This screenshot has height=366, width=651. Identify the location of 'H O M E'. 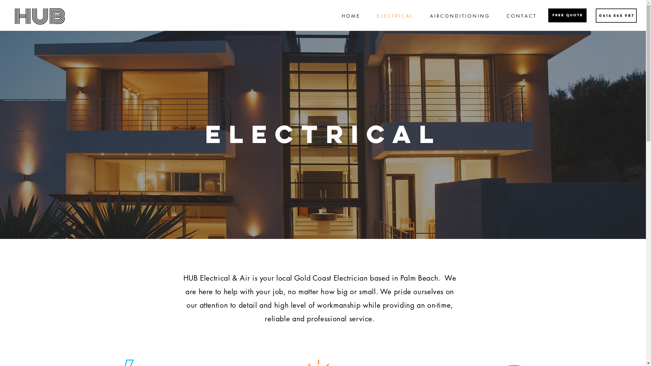
(350, 16).